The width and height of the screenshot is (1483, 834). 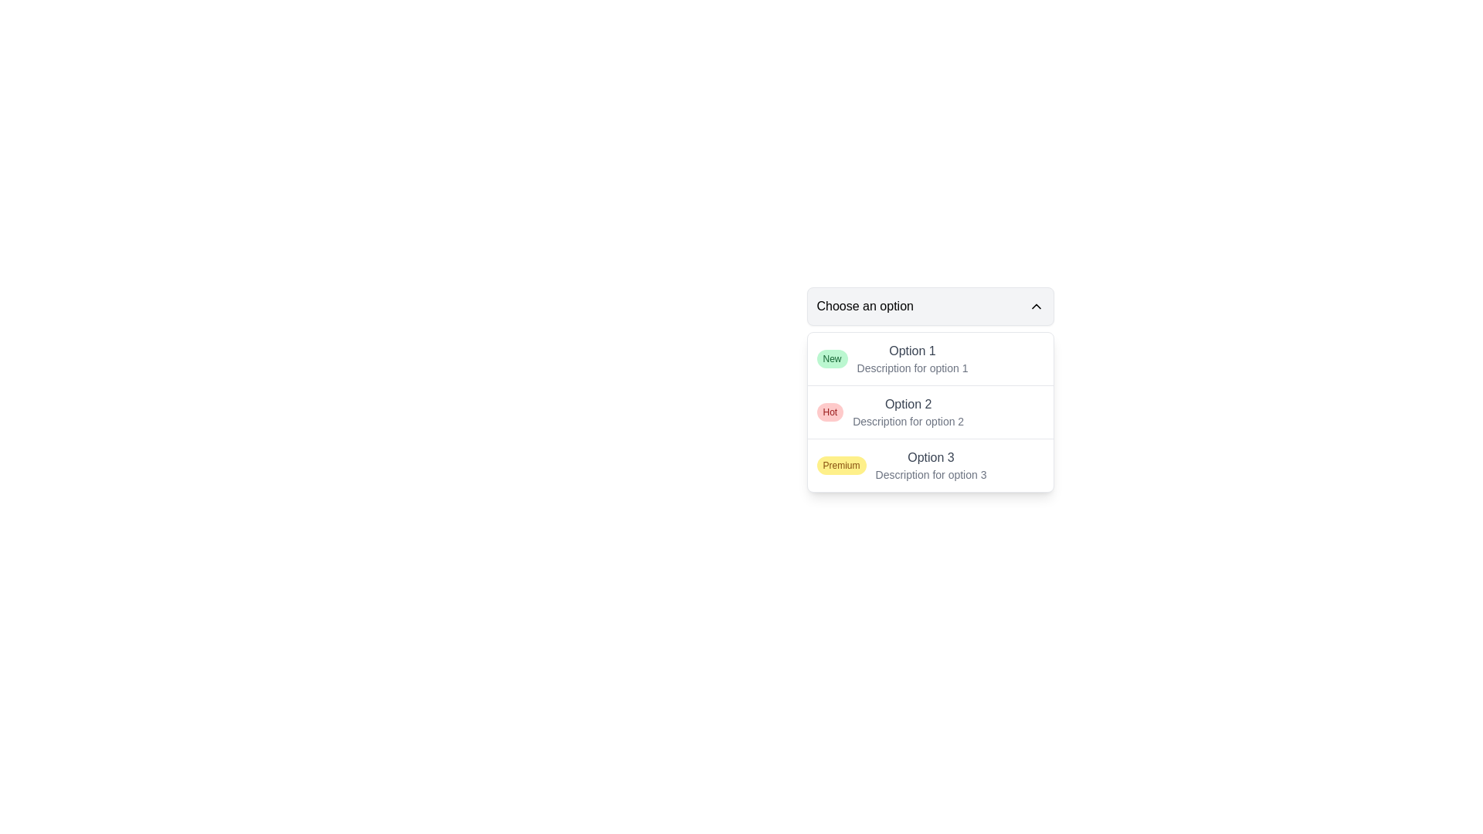 I want to click on the text label reading 'Description for option 2', which is part of a dropdown menu directly underneath 'Option 2' and its badge 'Hot', so click(x=908, y=422).